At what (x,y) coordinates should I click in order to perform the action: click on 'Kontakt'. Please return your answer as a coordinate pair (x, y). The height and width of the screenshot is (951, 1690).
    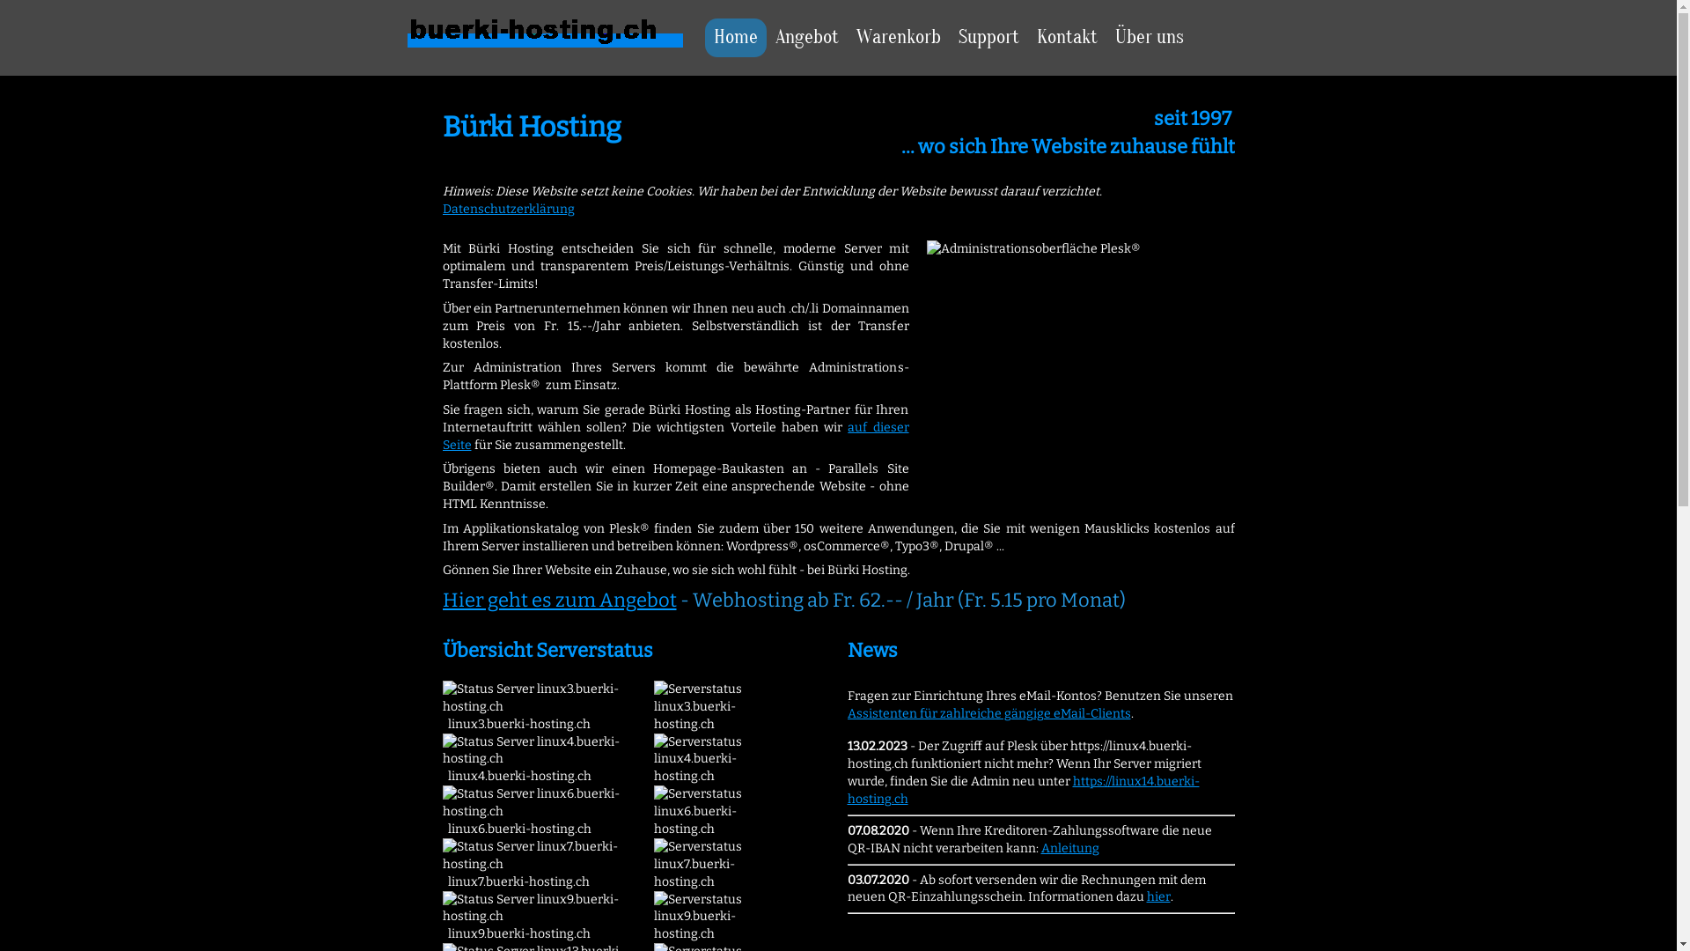
    Looking at the image, I should click on (1066, 37).